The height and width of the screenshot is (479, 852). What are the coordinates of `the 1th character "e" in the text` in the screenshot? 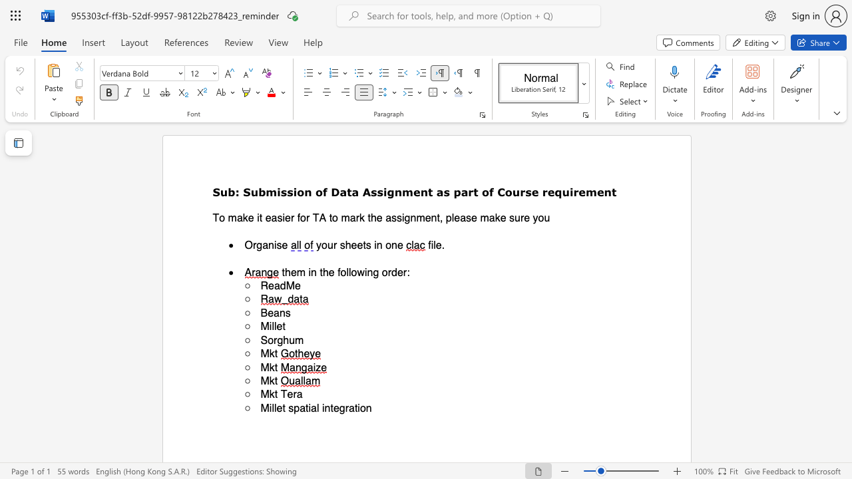 It's located at (278, 407).